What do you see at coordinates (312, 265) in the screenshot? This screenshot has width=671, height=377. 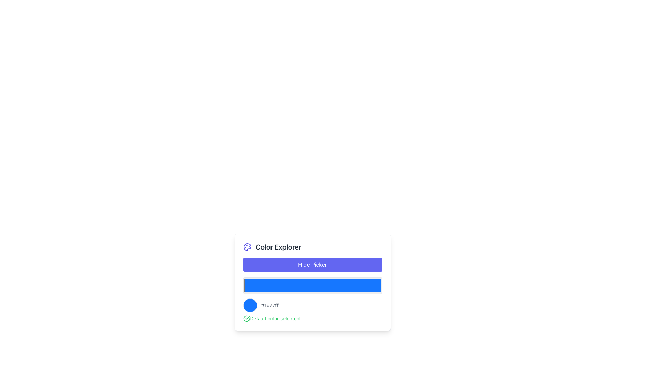 I see `the 'Hide Picker' button, which is a rectangular button with rounded corners, styled with a purple background and white text` at bounding box center [312, 265].